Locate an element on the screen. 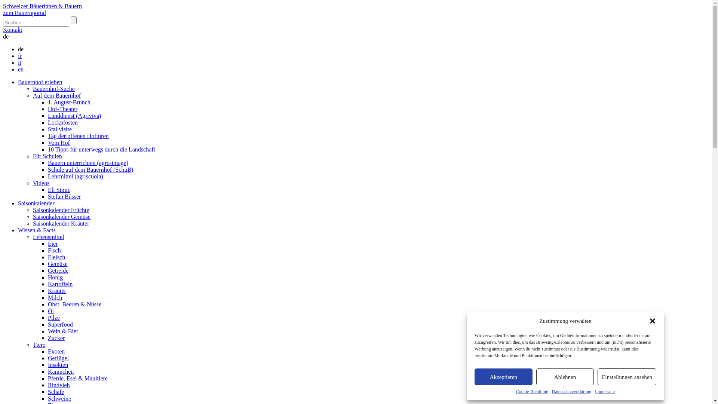 The width and height of the screenshot is (718, 404). 'Landdienst (Agriviva)' is located at coordinates (74, 116).